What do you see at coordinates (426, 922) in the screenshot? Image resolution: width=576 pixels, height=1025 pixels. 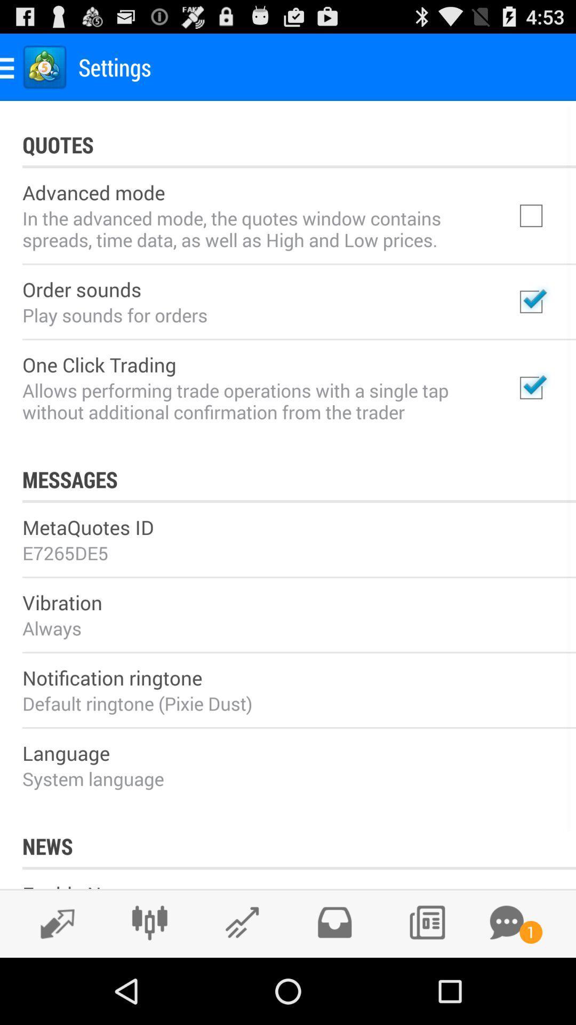 I see `news` at bounding box center [426, 922].